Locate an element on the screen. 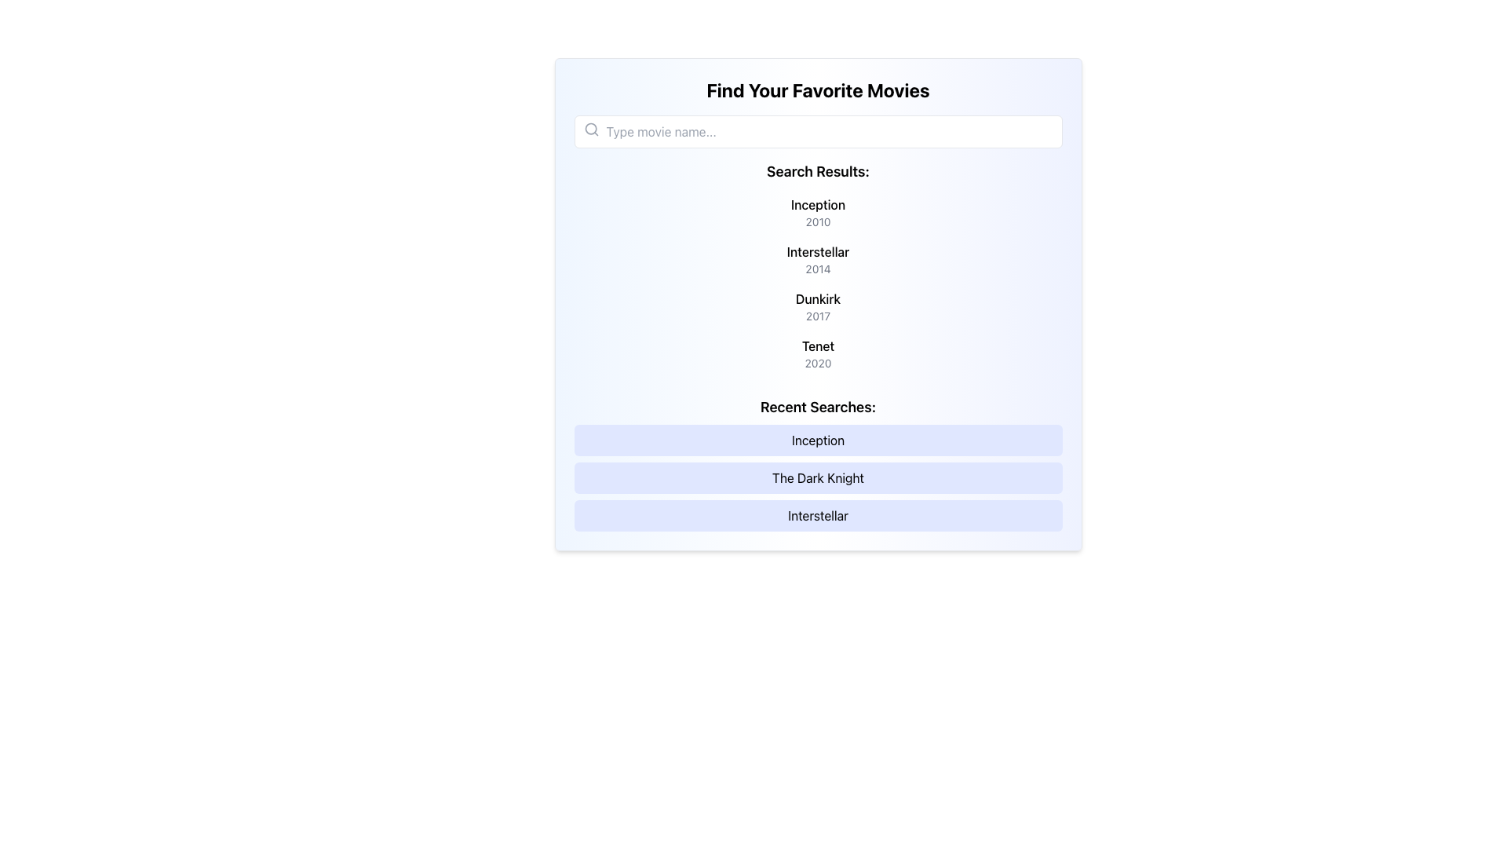 This screenshot has width=1507, height=848. the title of the fourth movie in the 'Search Results' section is located at coordinates (817, 345).